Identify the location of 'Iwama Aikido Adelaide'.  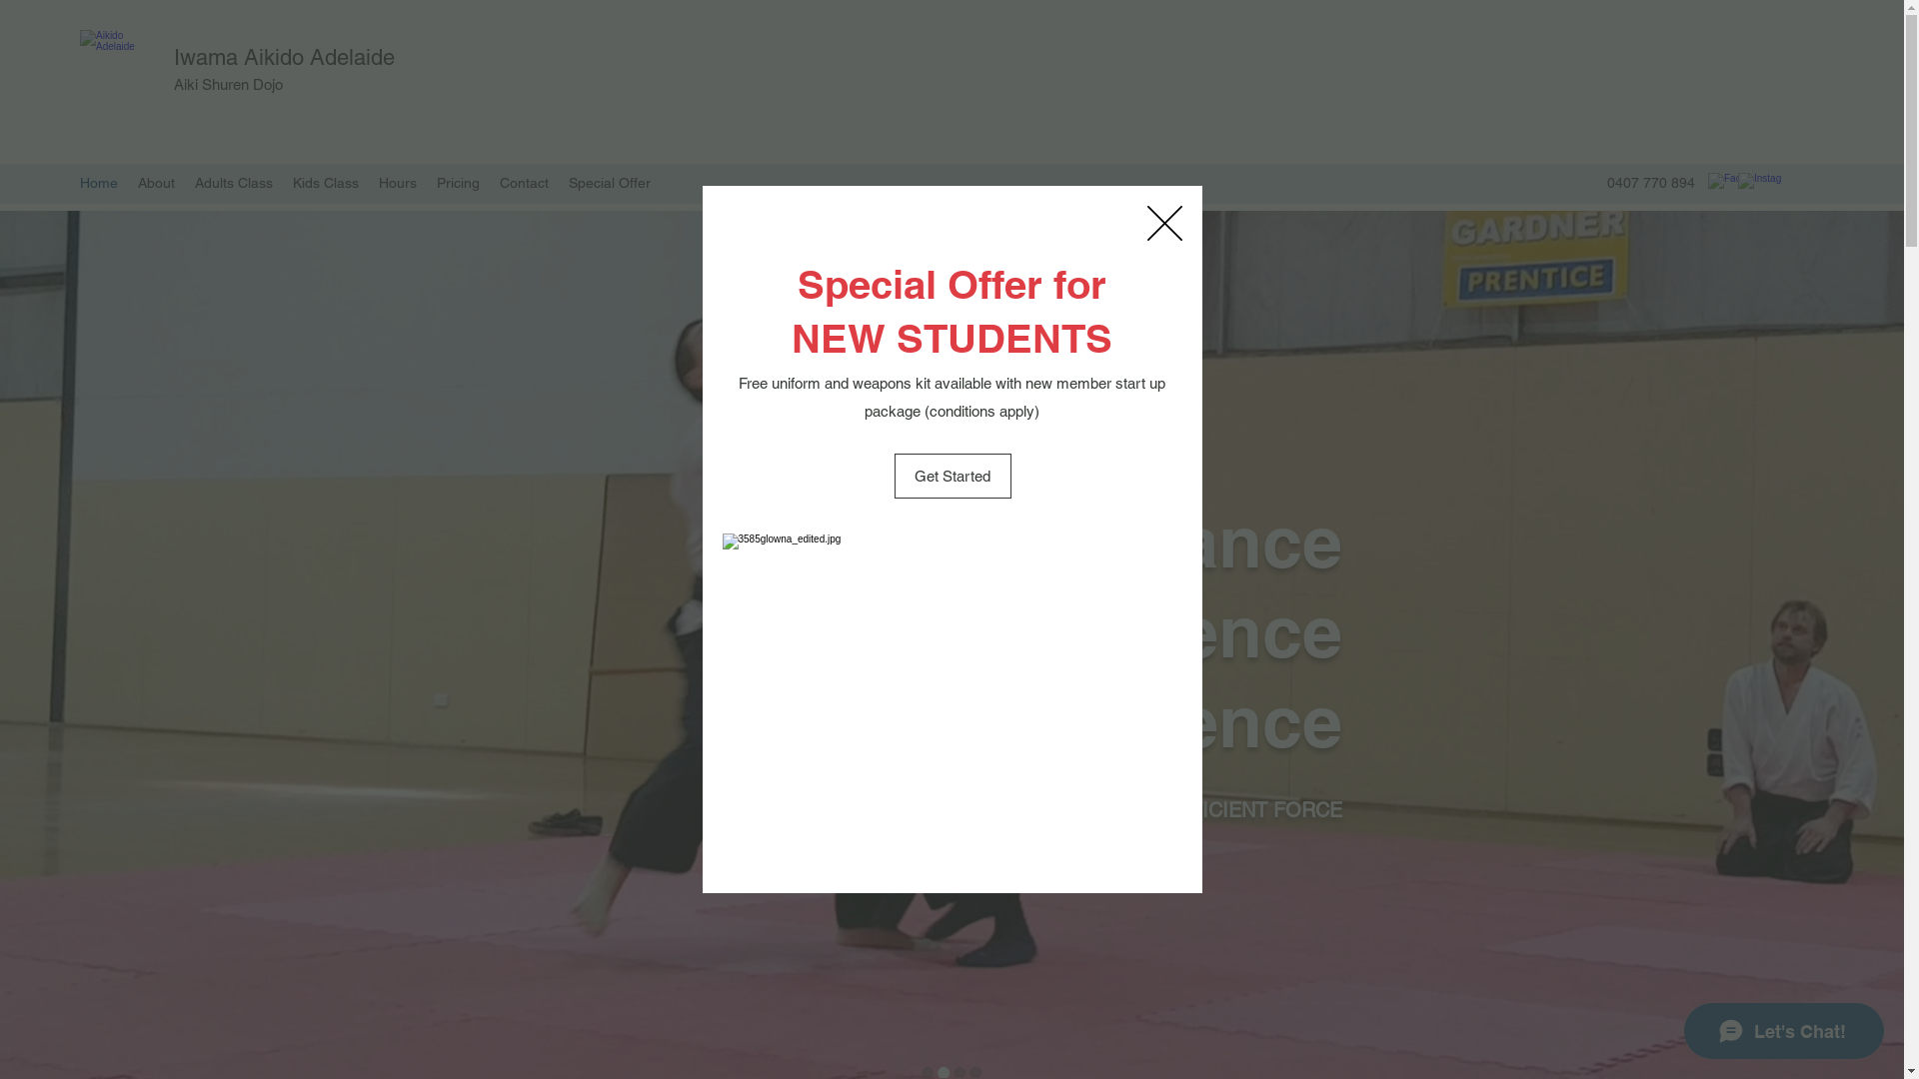
(173, 56).